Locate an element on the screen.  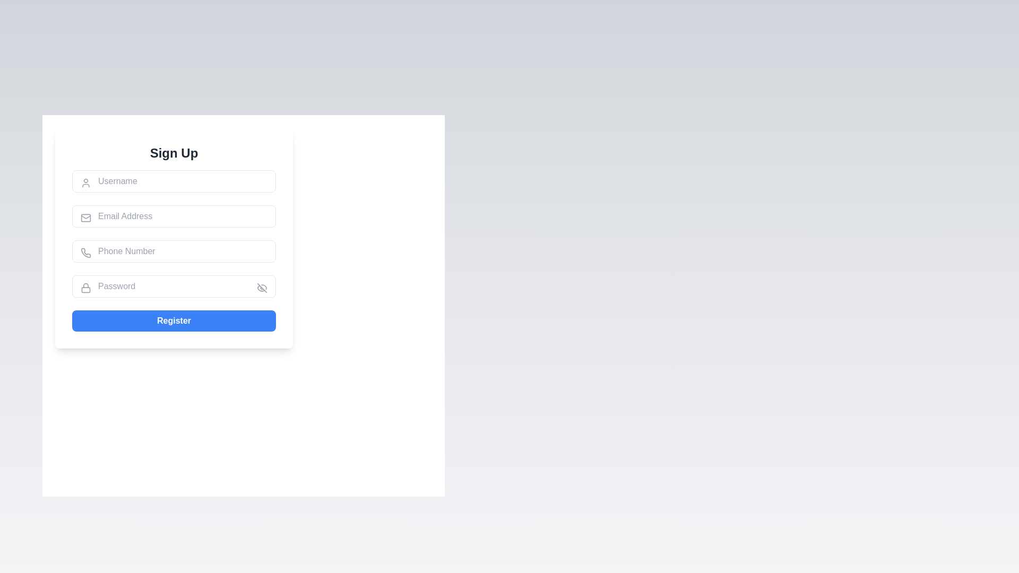
the submit button for the sign-up form, which is located at the bottom of the input fields to change its background color is located at coordinates (174, 320).